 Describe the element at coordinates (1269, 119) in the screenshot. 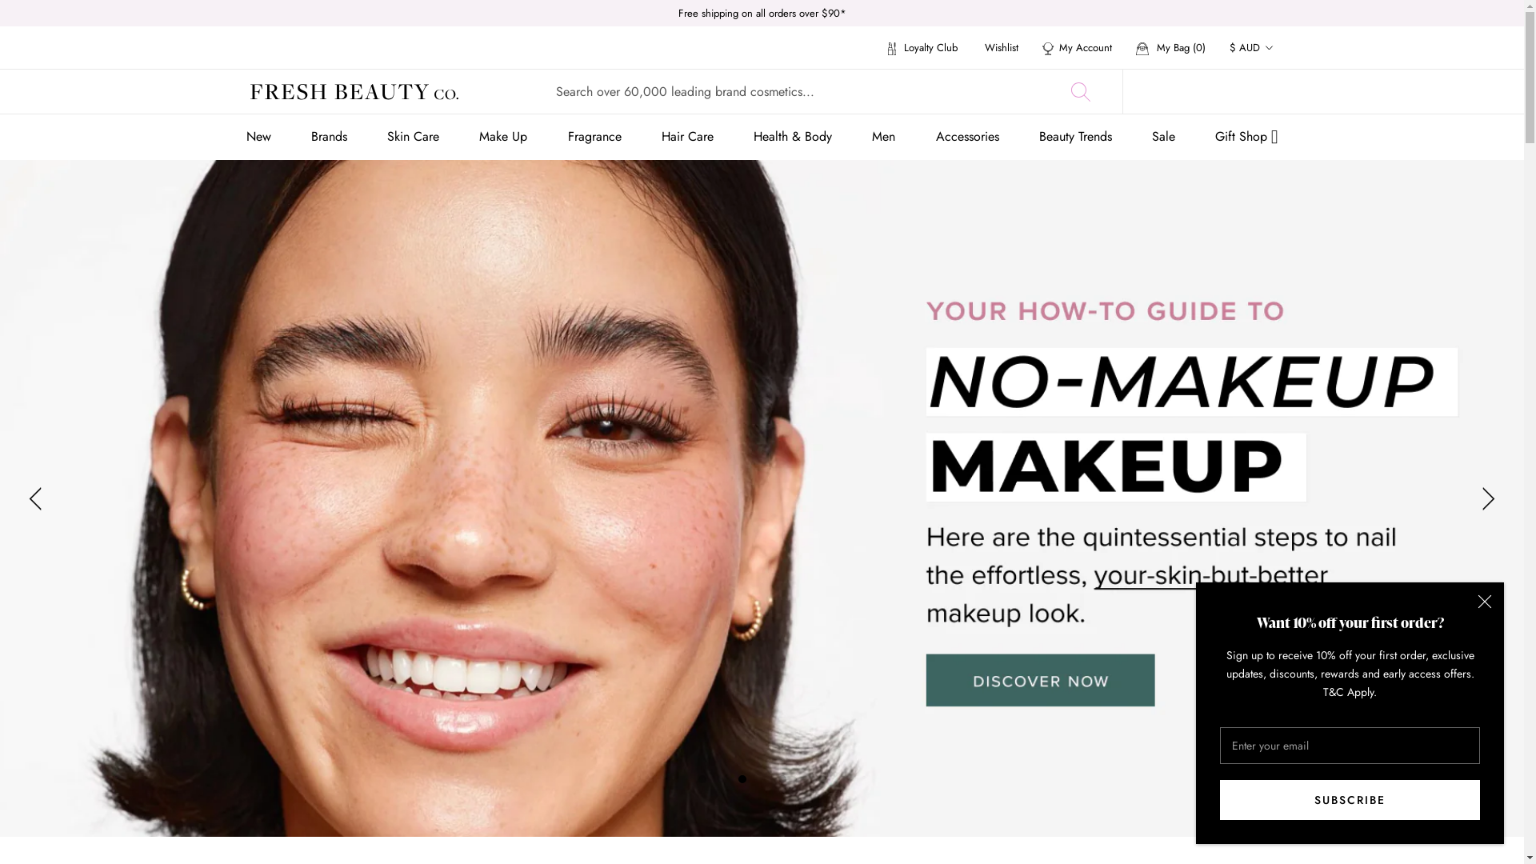

I see `'GBP'` at that location.